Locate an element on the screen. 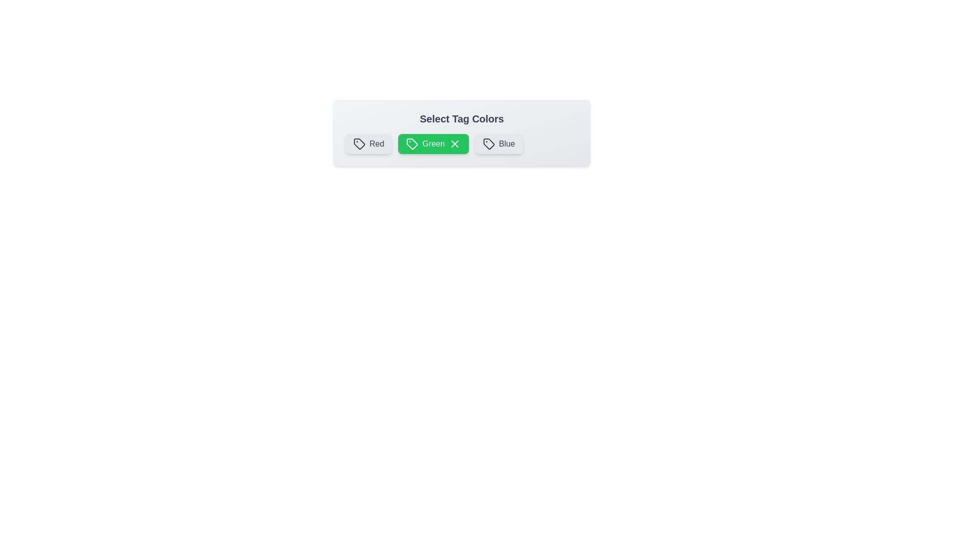 The image size is (964, 542). the Blue tag by clicking on it is located at coordinates (499, 144).